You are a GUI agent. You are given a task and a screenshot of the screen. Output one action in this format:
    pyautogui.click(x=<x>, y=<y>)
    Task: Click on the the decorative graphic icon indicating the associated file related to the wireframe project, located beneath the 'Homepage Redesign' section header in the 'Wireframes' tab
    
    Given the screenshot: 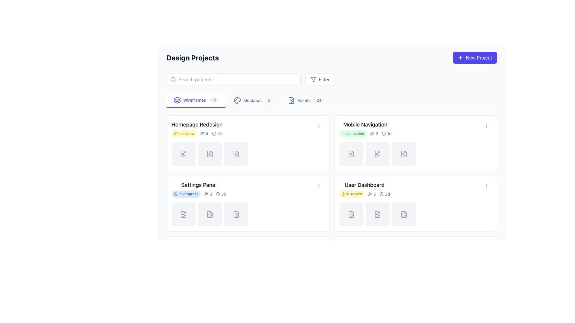 What is the action you would take?
    pyautogui.click(x=183, y=154)
    